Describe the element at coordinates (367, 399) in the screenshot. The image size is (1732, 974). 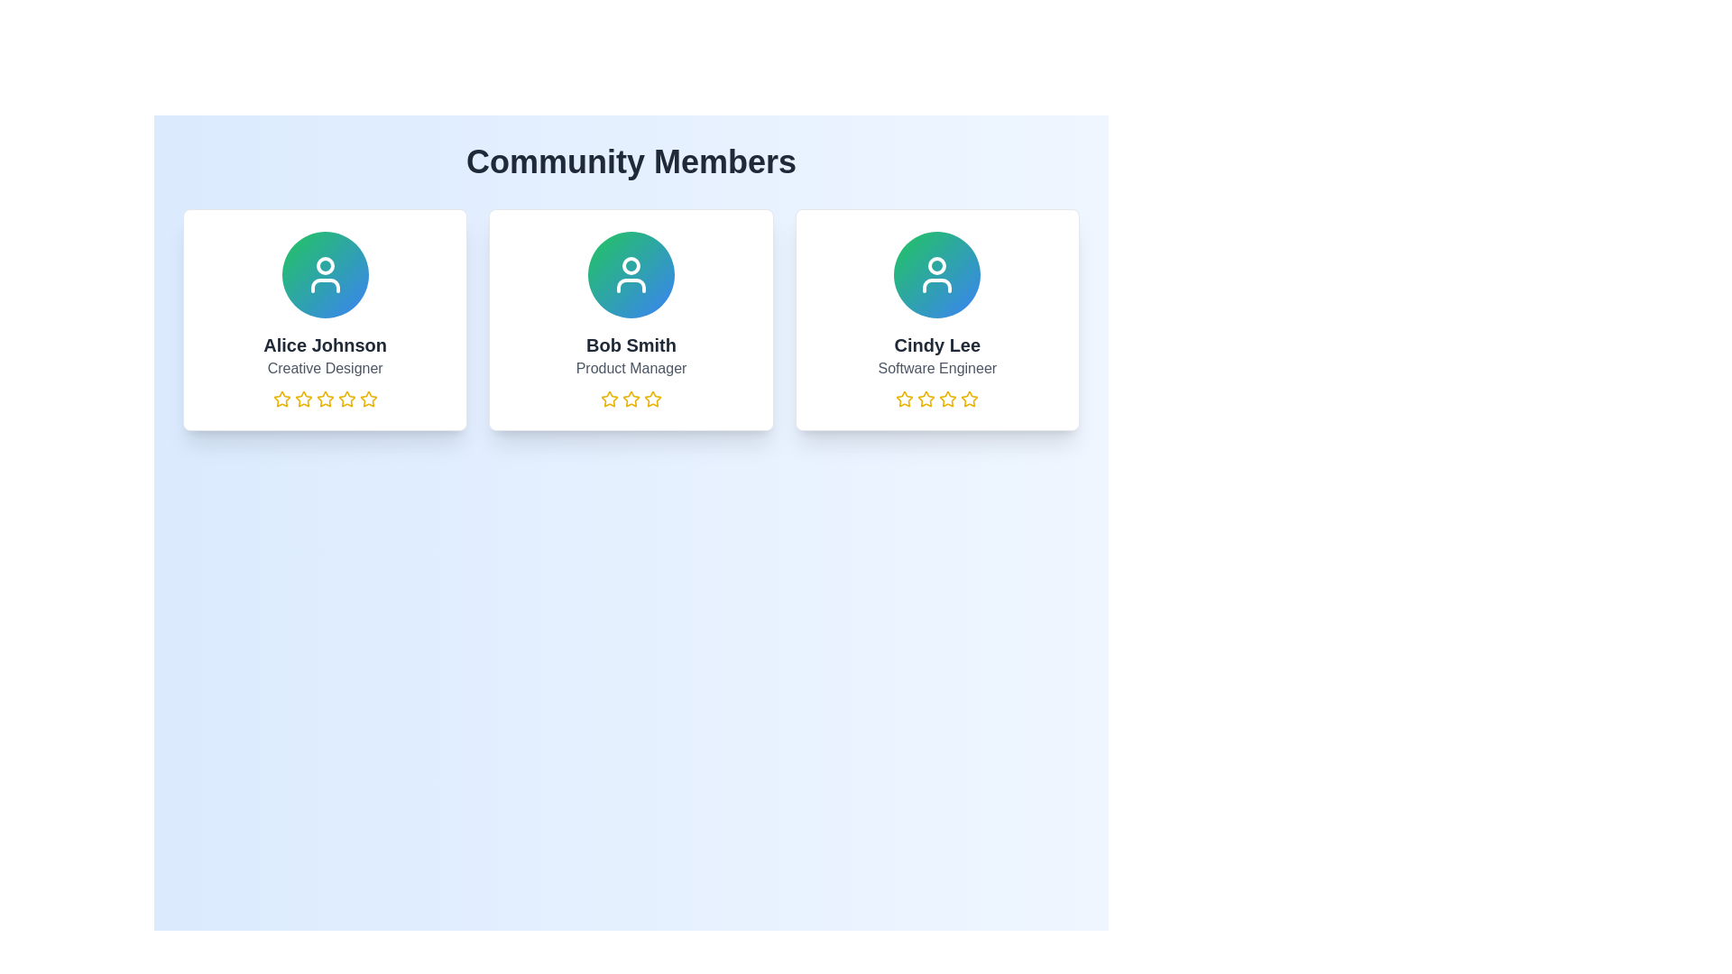
I see `on the fifth golden-yellow star icon in the rating stars under Alice Johnson's profile card for confirmation` at that location.